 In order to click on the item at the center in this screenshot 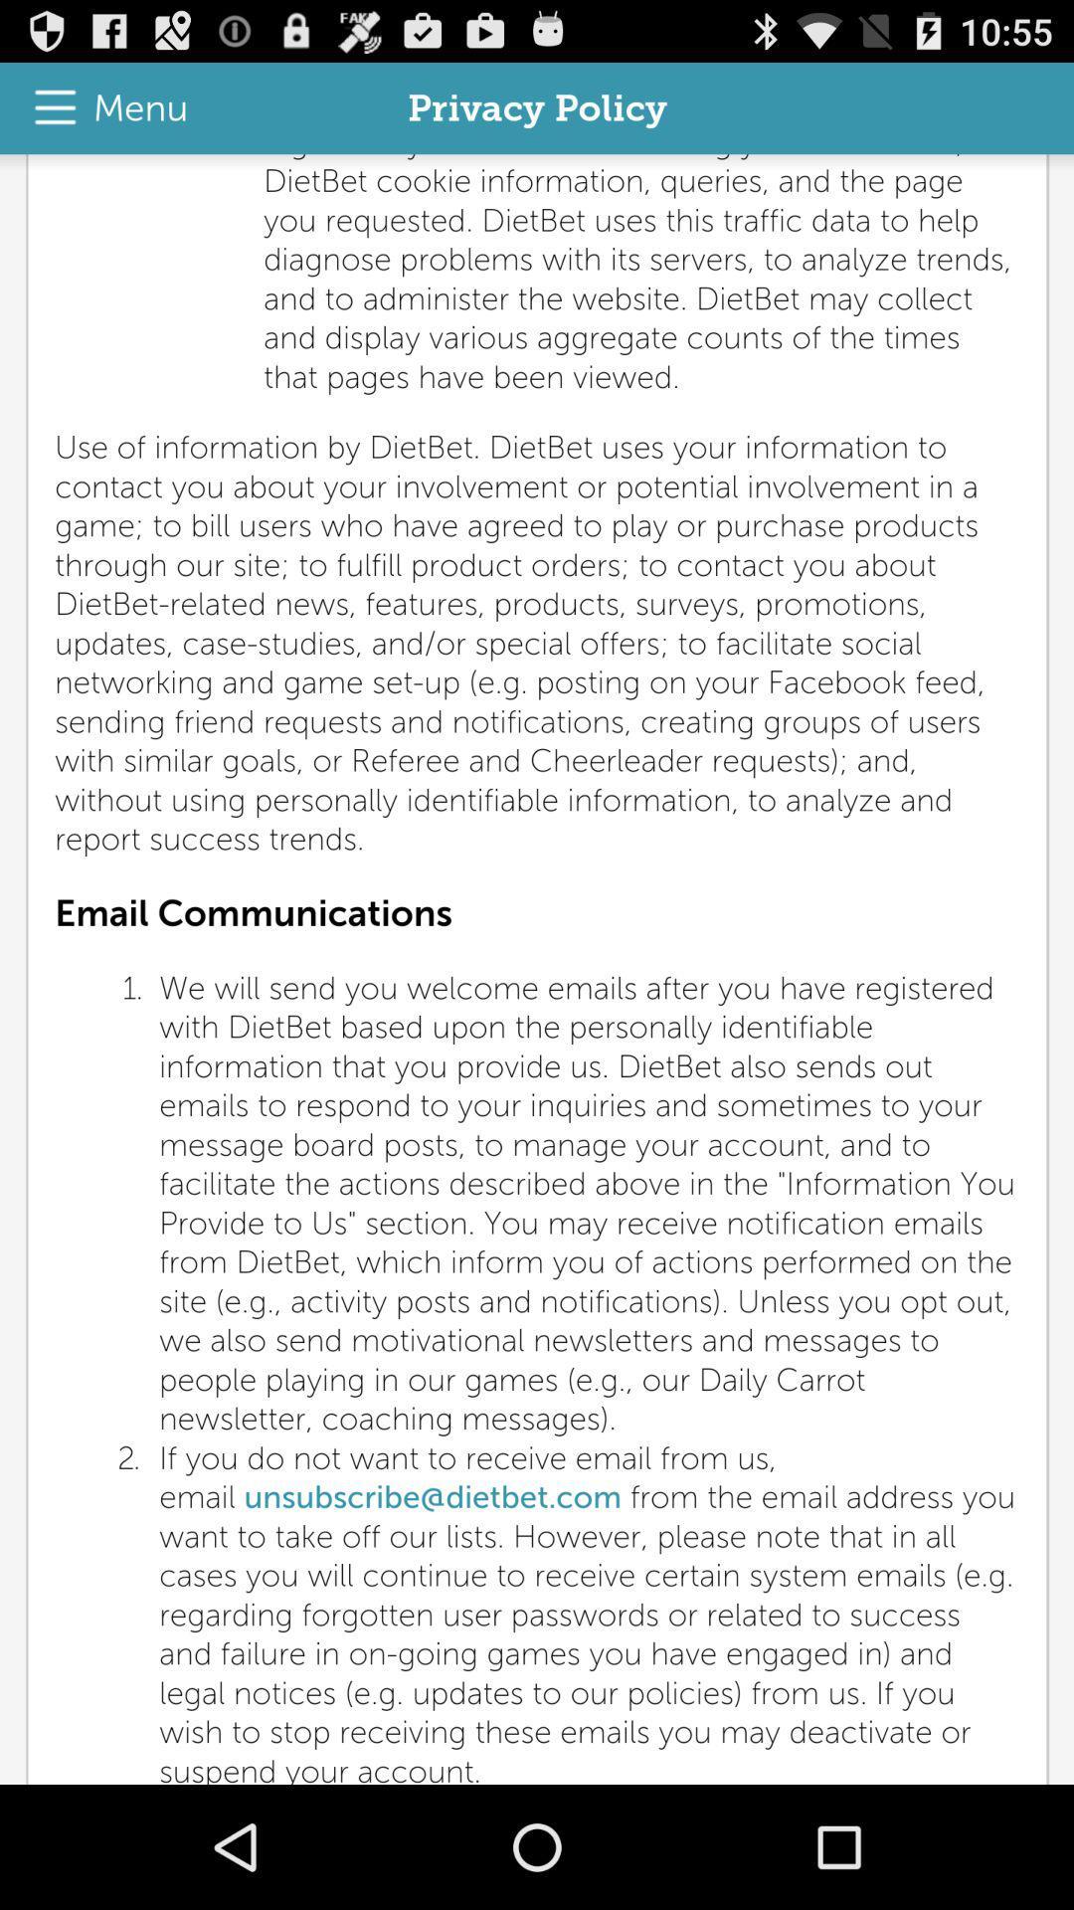, I will do `click(537, 969)`.